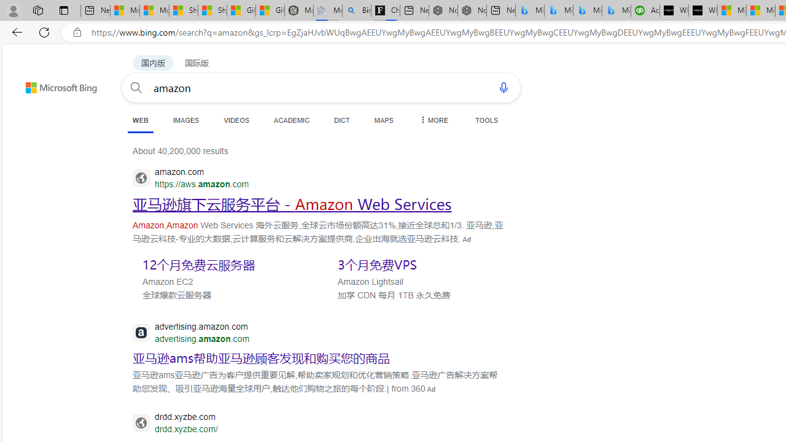 The height and width of the screenshot is (442, 786). What do you see at coordinates (270, 10) in the screenshot?
I see `'Gilma and Hector both pose tropical trouble for Hawaii'` at bounding box center [270, 10].